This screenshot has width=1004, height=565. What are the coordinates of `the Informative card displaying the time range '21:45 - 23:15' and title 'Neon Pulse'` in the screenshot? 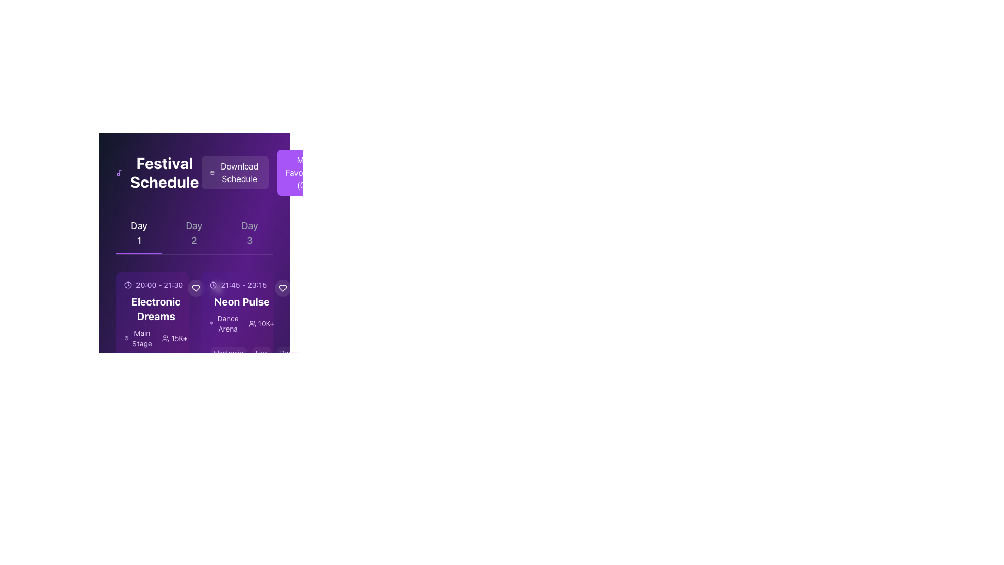 It's located at (236, 306).